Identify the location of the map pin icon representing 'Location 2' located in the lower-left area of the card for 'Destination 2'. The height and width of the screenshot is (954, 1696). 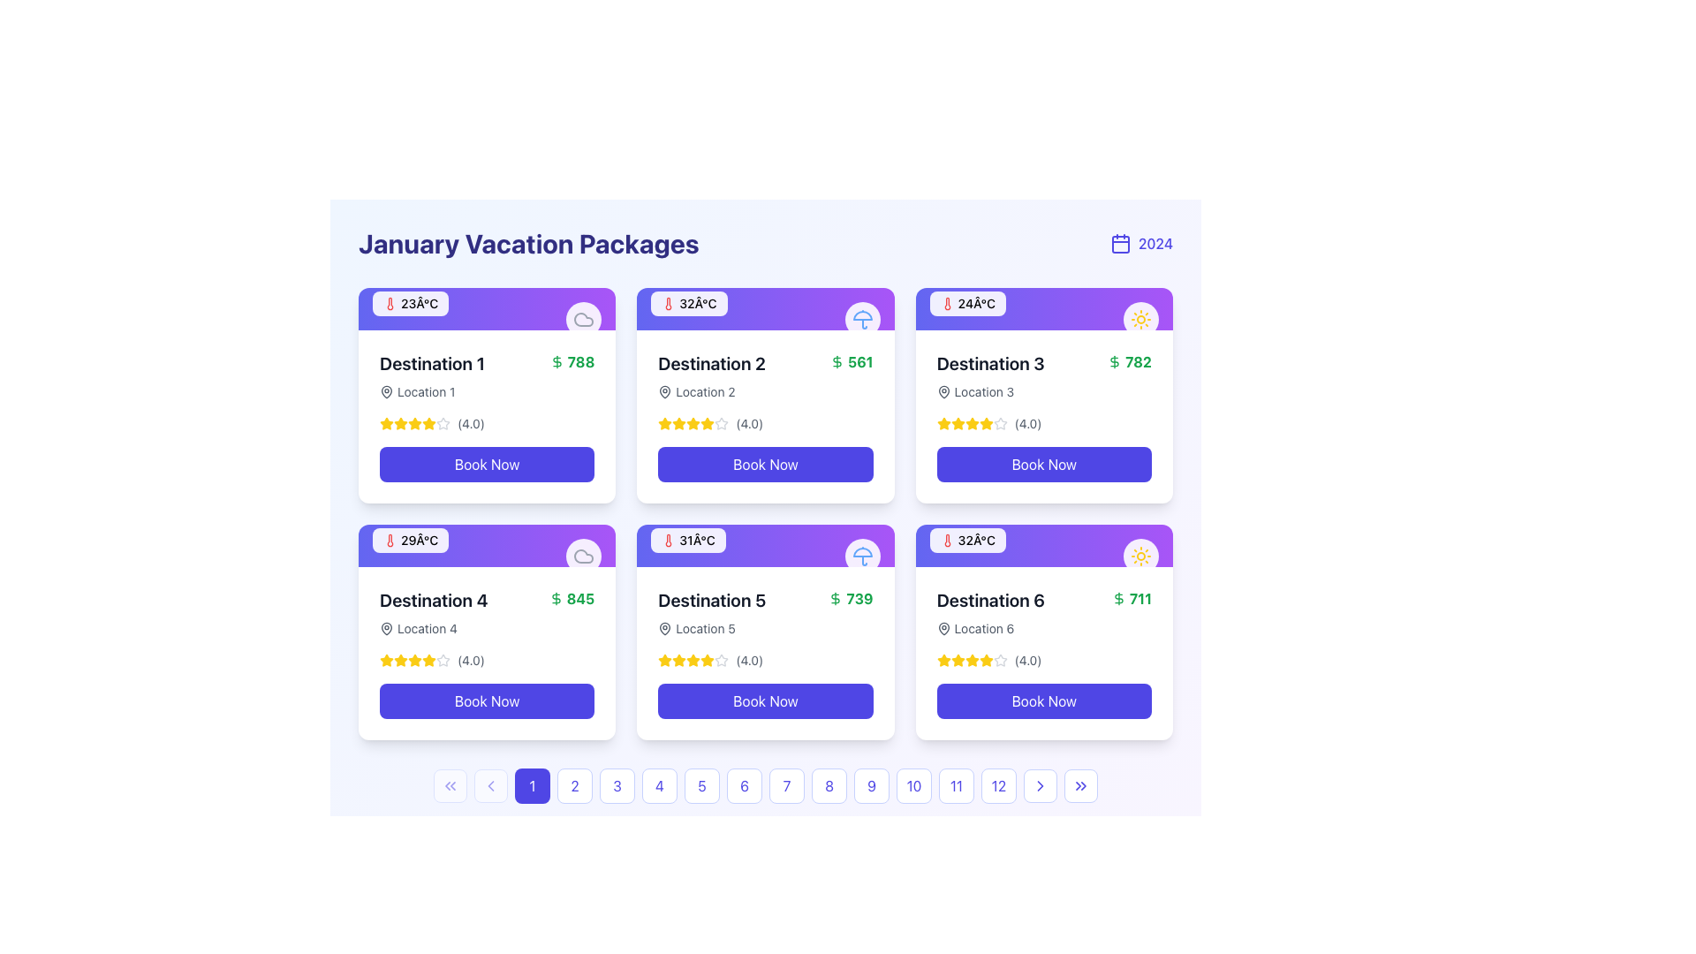
(664, 390).